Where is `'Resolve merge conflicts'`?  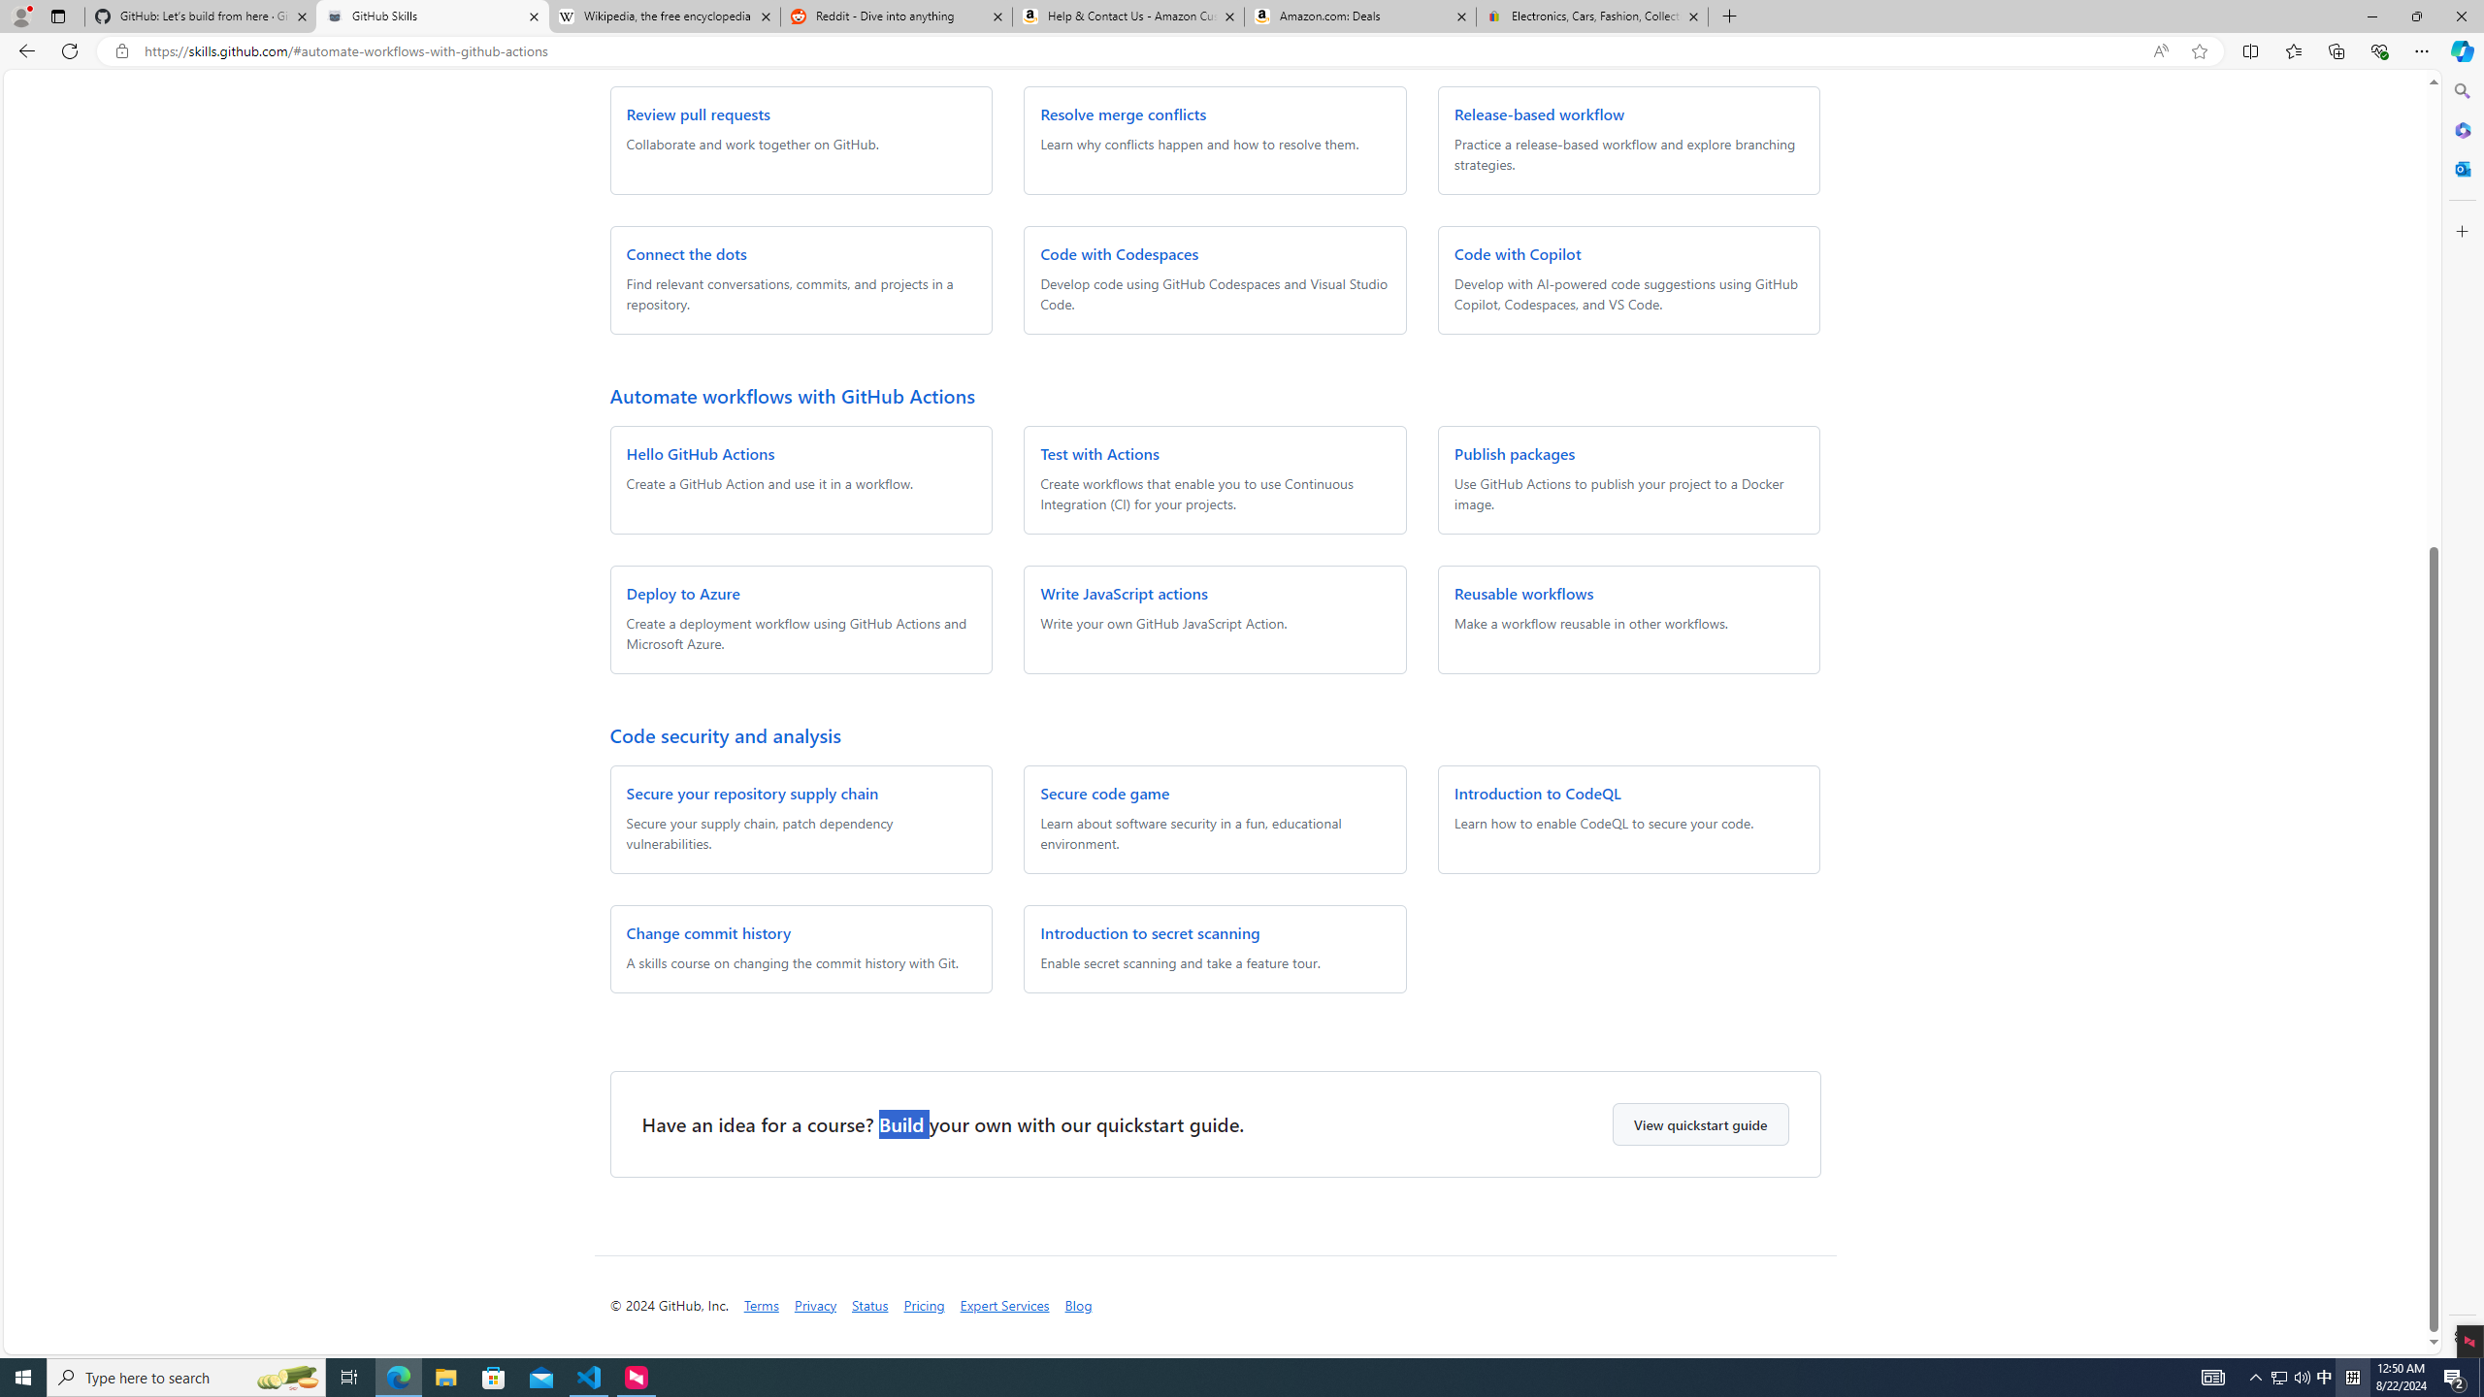 'Resolve merge conflicts' is located at coordinates (1123, 113).